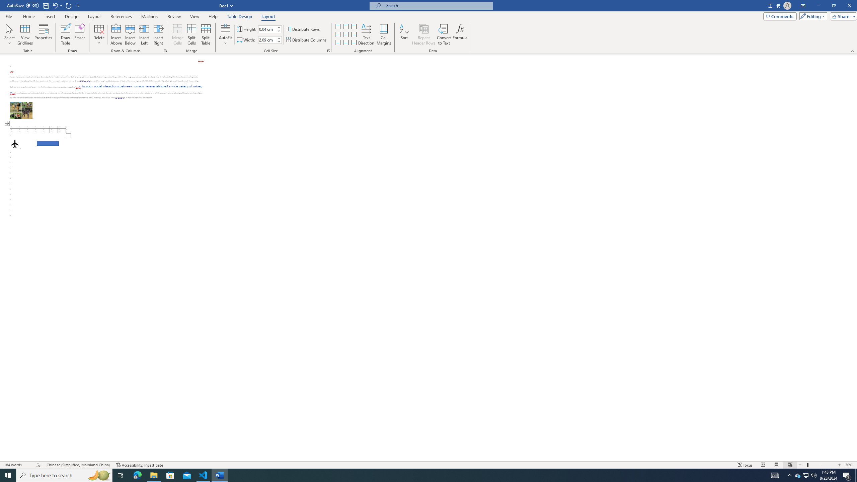 The width and height of the screenshot is (857, 482). Describe the element at coordinates (205, 34) in the screenshot. I see `'Split Table'` at that location.